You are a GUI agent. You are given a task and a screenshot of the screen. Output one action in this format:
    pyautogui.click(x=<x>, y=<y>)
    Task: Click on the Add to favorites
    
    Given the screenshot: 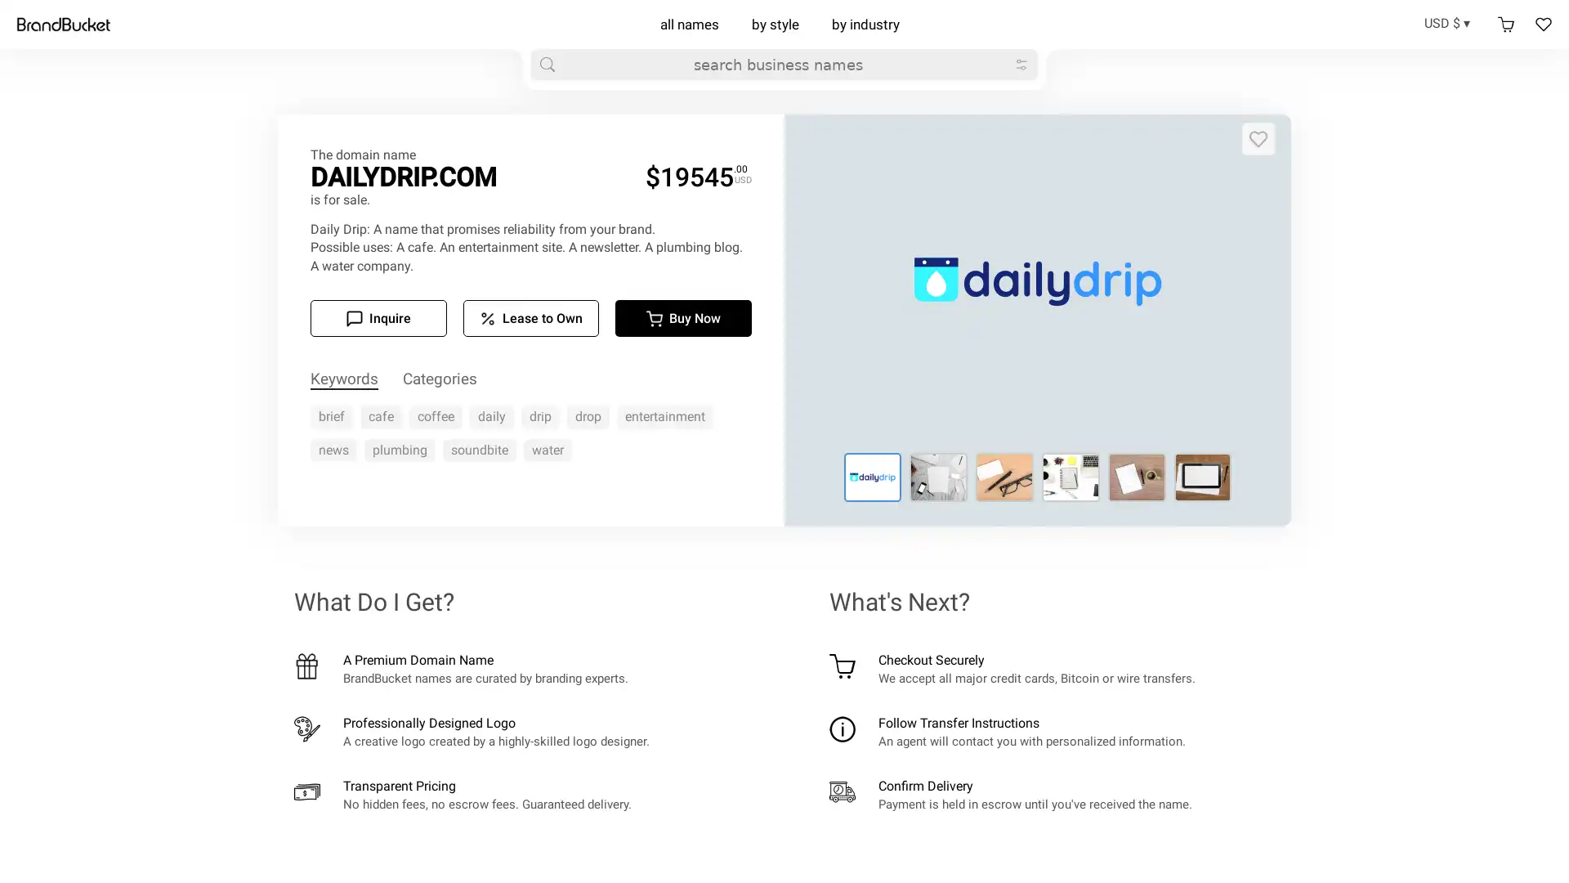 What is the action you would take?
    pyautogui.click(x=1258, y=137)
    